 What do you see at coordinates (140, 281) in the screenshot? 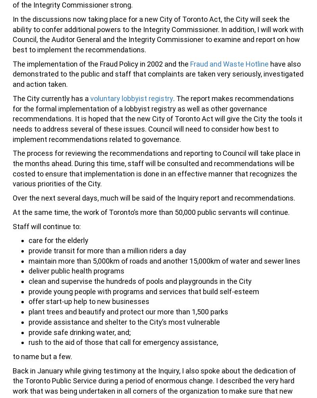
I see `'clean and supervise the hundreds of pools and playgrounds in the City'` at bounding box center [140, 281].